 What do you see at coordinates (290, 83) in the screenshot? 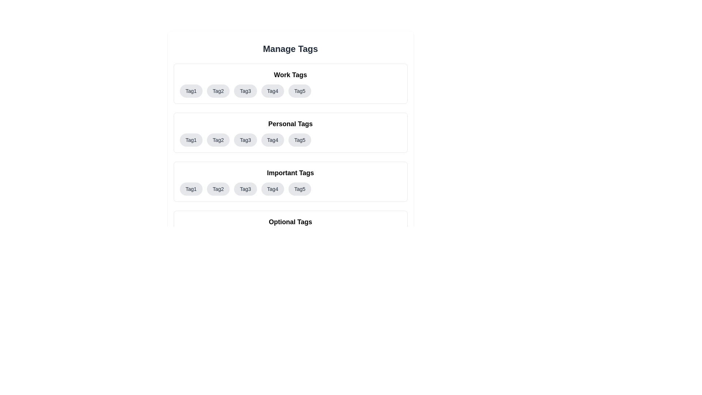
I see `the interactive tag element within the 'Work Tags' section` at bounding box center [290, 83].